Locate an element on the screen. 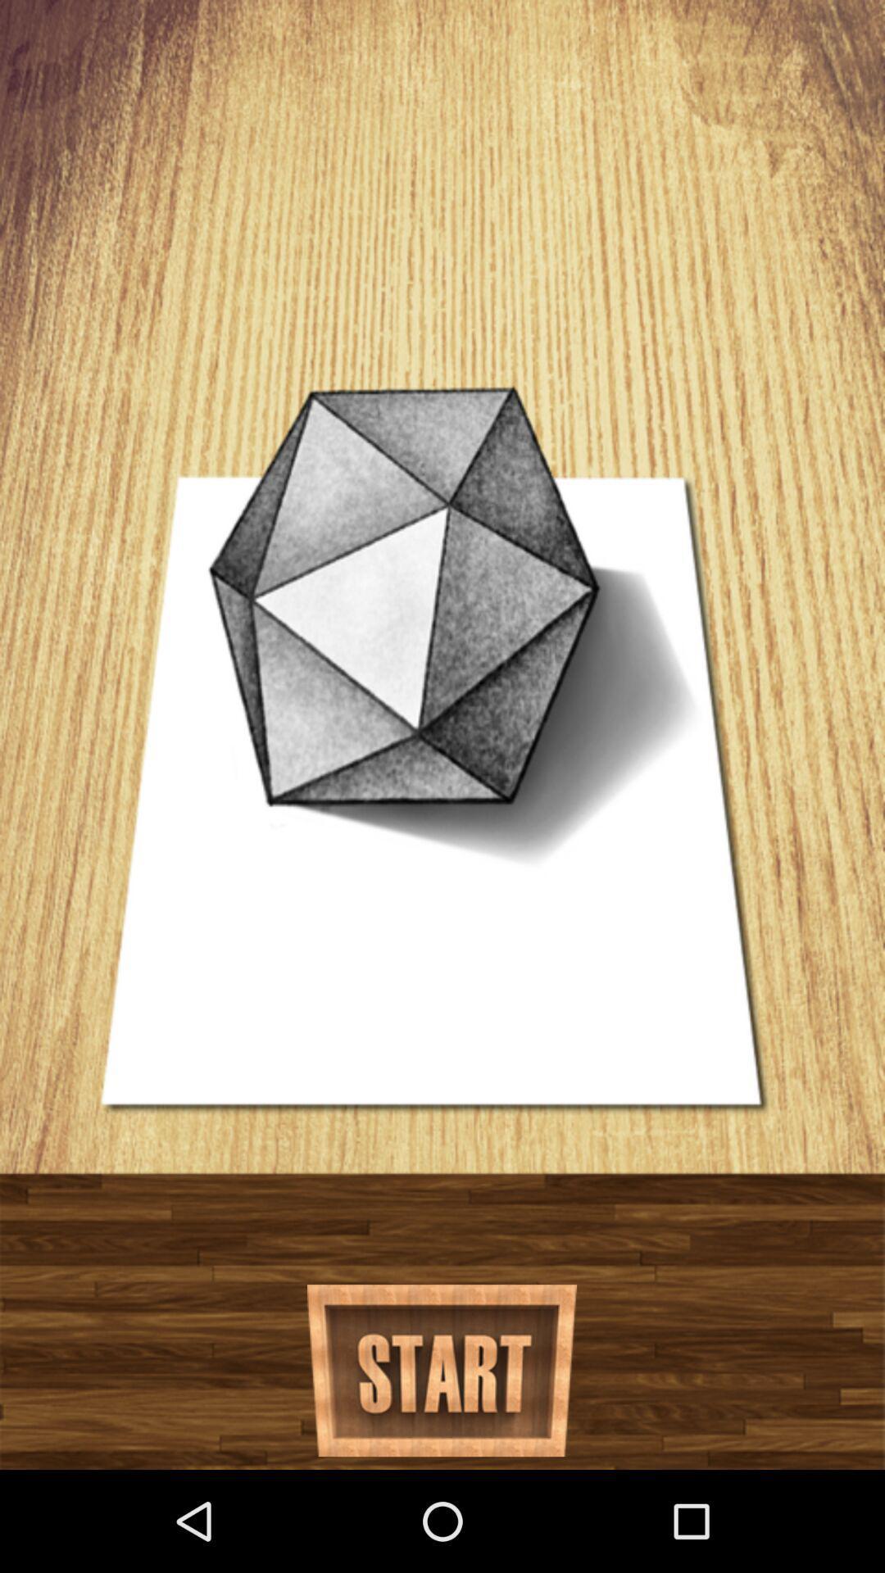  start the drawing instruction is located at coordinates (441, 1371).